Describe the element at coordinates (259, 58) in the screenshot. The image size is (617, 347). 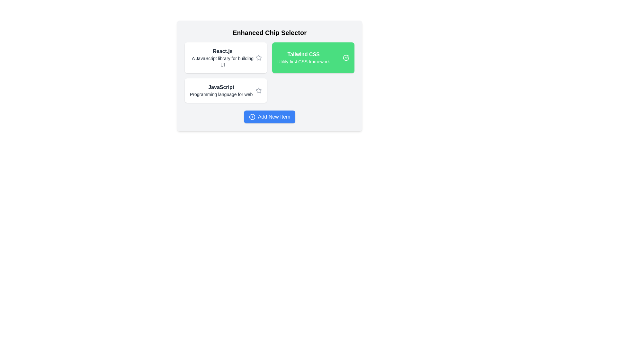
I see `the inactive star-shaped icon located to the right of the text 'React.js A JavaScript library for building UI'` at that location.